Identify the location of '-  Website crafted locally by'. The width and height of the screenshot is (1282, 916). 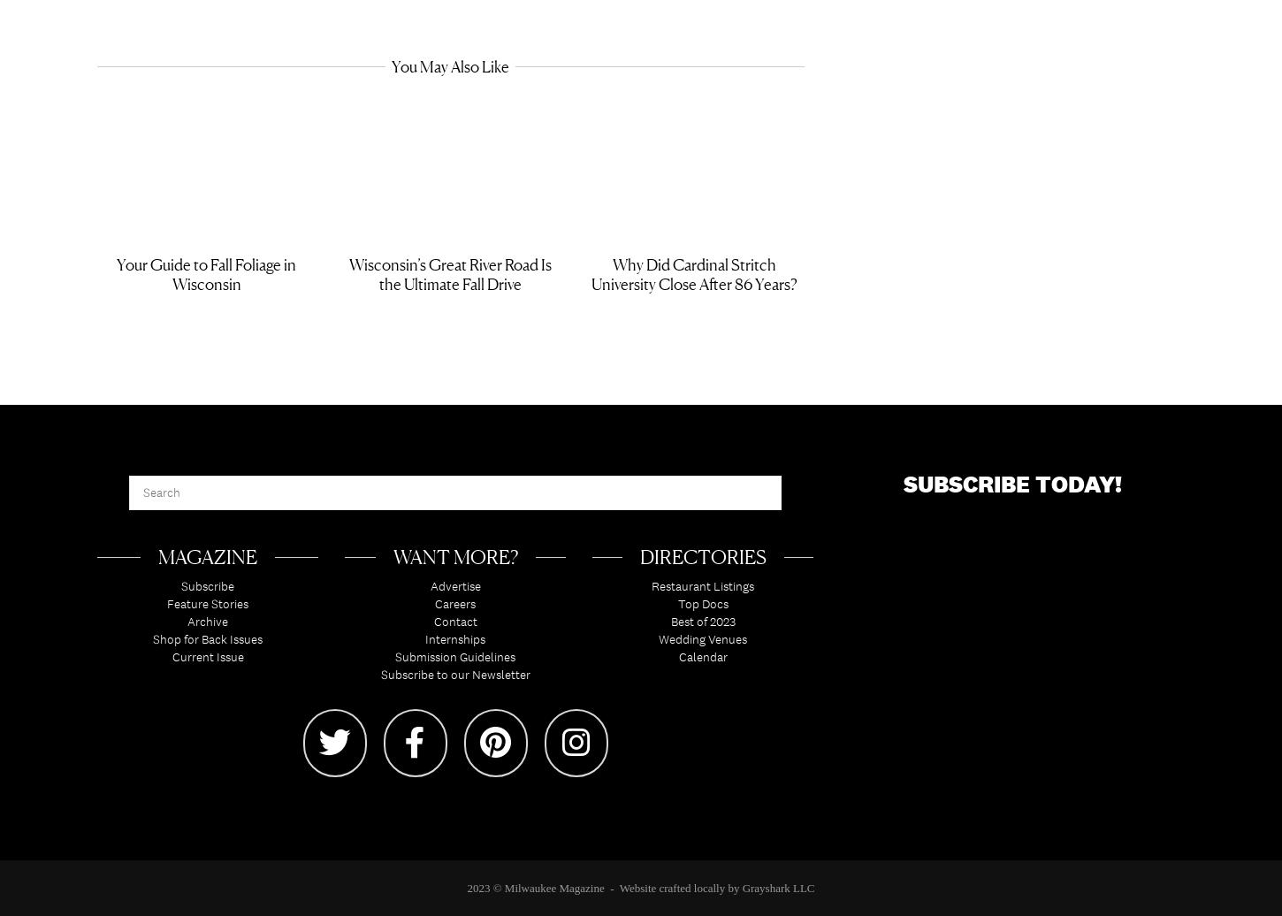
(602, 893).